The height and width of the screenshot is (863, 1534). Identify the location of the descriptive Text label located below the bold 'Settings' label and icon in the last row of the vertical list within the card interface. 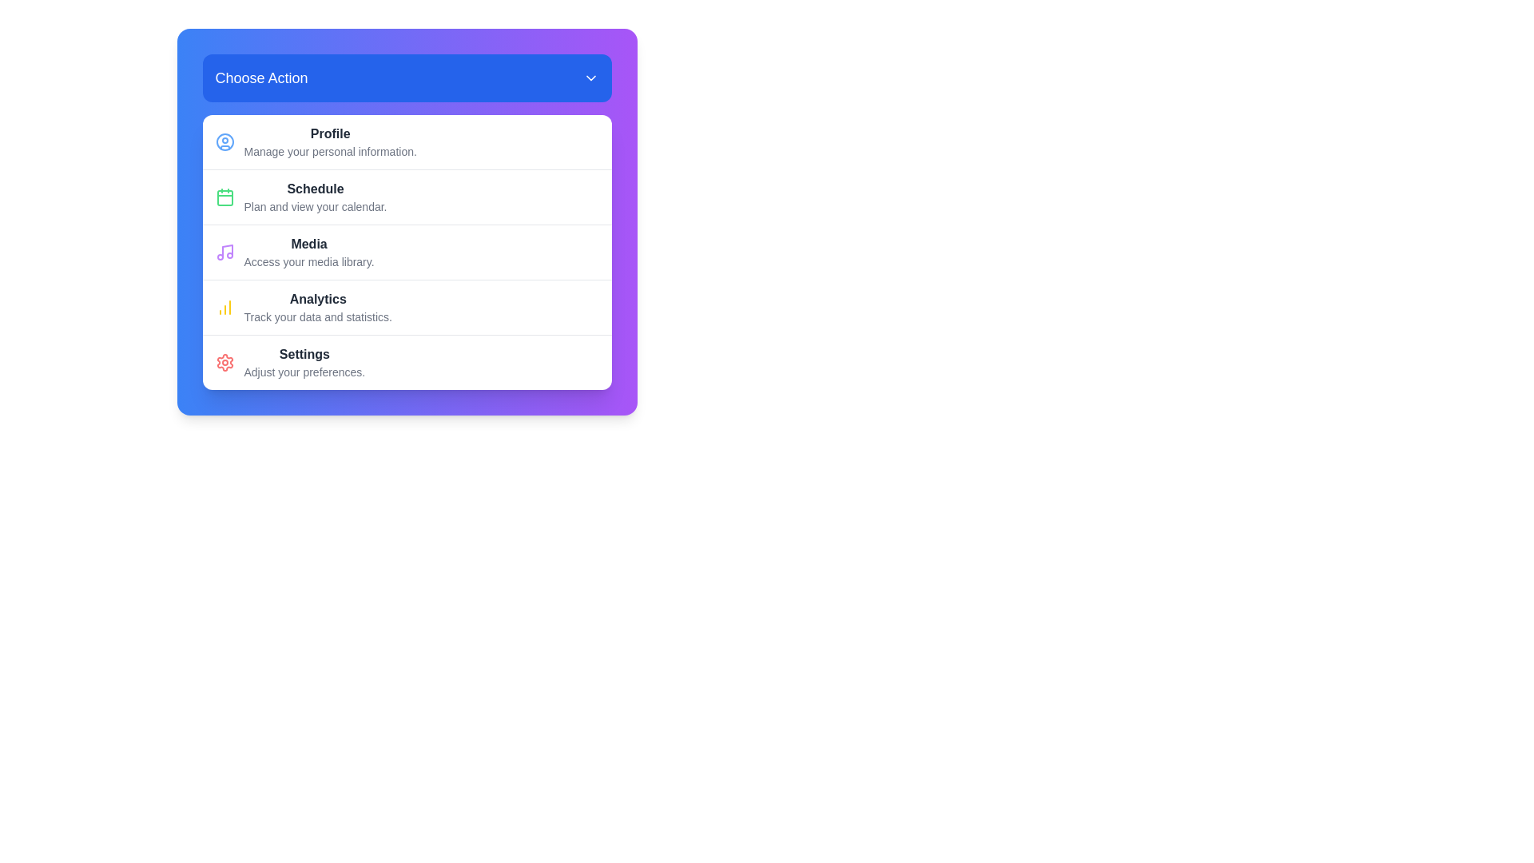
(304, 372).